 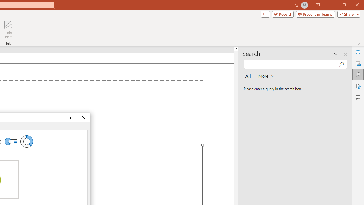 I want to click on 'Hide Ink', so click(x=8, y=24).